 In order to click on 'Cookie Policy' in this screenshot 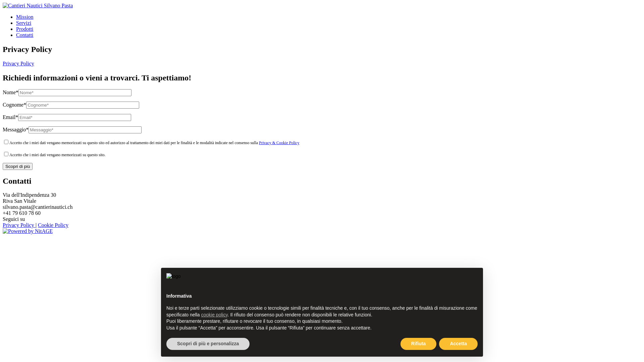, I will do `click(53, 225)`.